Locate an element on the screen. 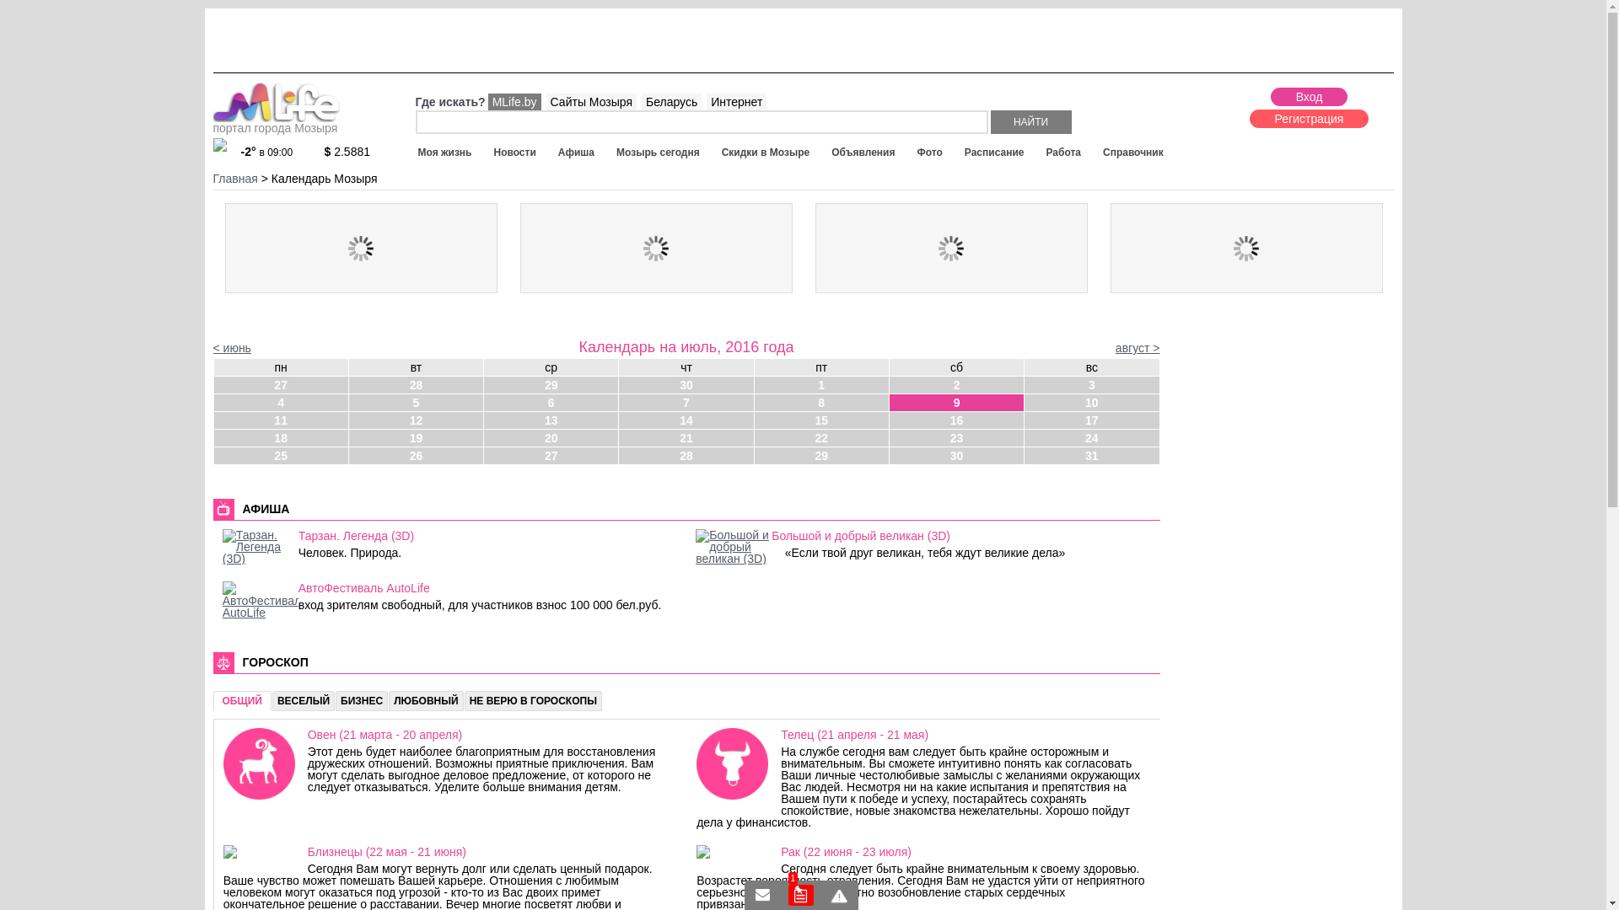 The height and width of the screenshot is (910, 1619). '12' is located at coordinates (347, 419).